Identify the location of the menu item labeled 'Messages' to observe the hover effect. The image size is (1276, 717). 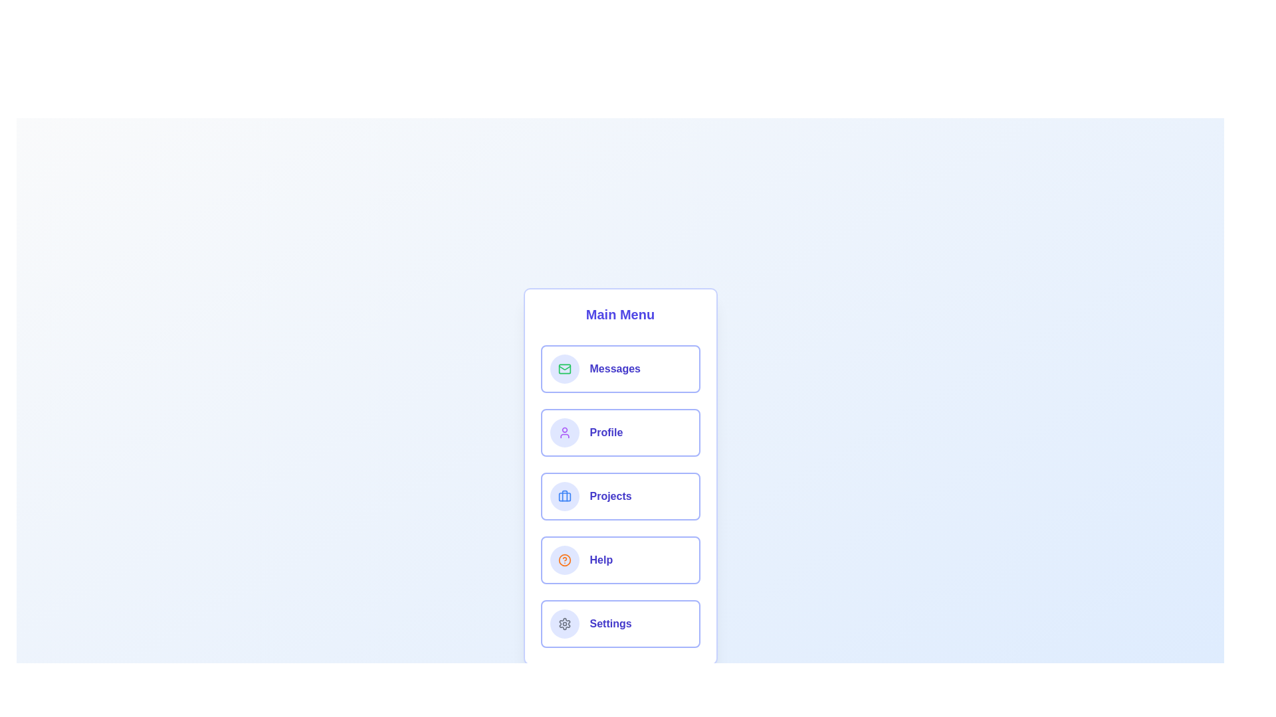
(619, 368).